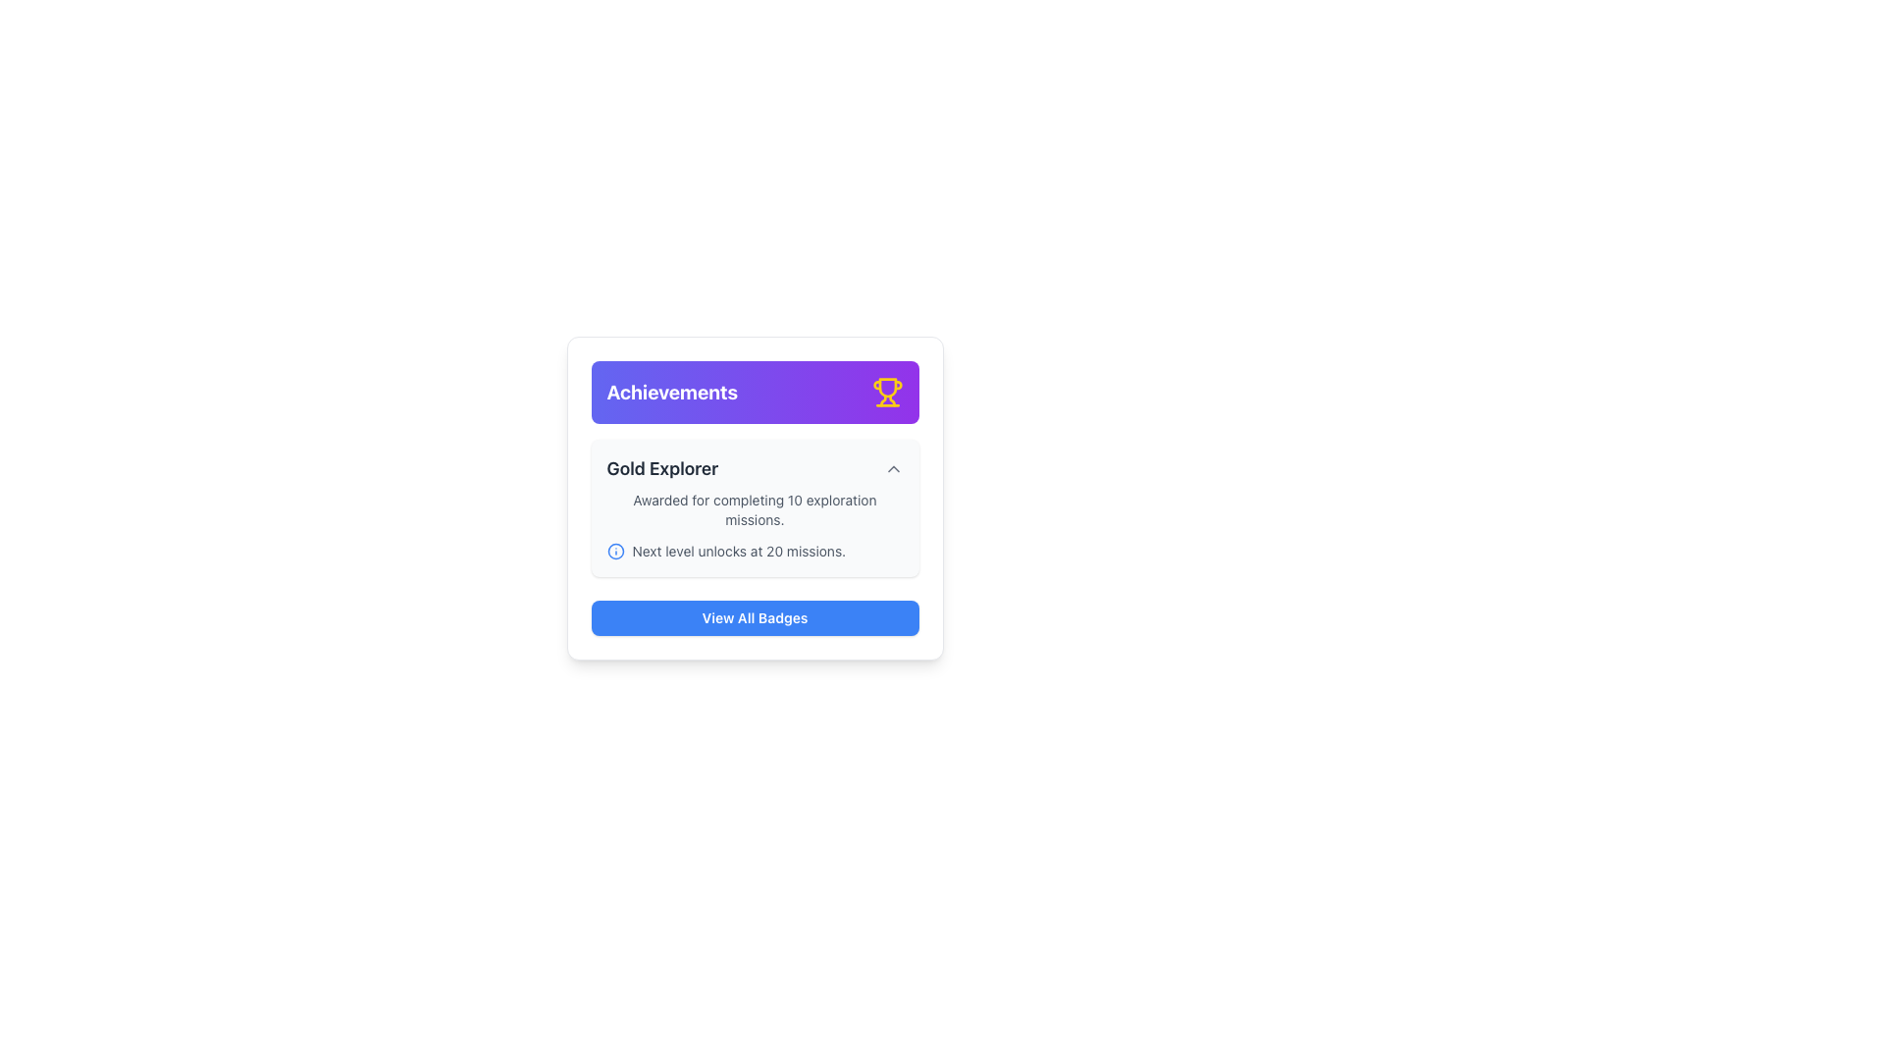 The image size is (1884, 1060). I want to click on information provided in the Informational Text Block with Icon located within the 'Gold Explorer' card, situated below the title 'Gold Explorer' and above the 'View All Badges' button, so click(754, 525).